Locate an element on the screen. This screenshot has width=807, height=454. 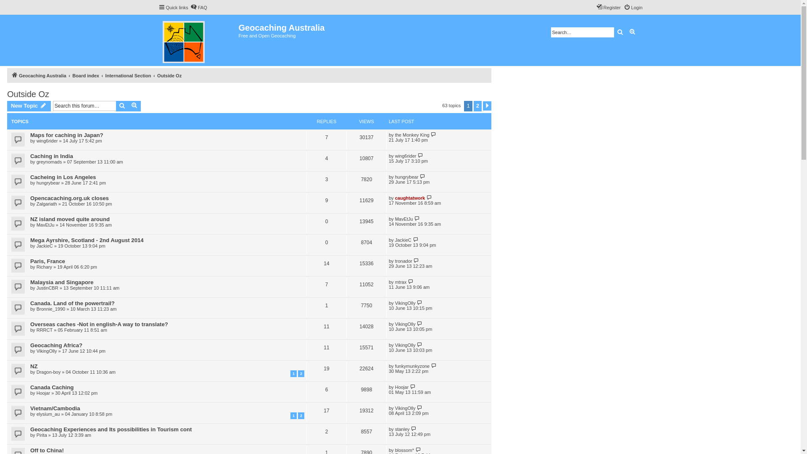
'elysium_au' is located at coordinates (48, 413).